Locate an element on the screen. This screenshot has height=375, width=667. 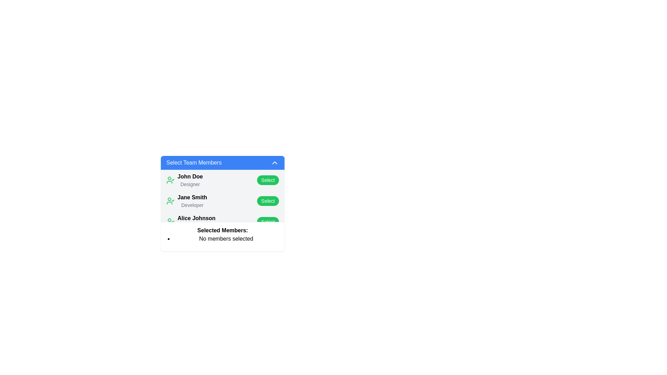
the first selectable team member list item representing user John Doe, identified as a 'Designer', in the 'Select Team Members' dropdown is located at coordinates (223, 180).